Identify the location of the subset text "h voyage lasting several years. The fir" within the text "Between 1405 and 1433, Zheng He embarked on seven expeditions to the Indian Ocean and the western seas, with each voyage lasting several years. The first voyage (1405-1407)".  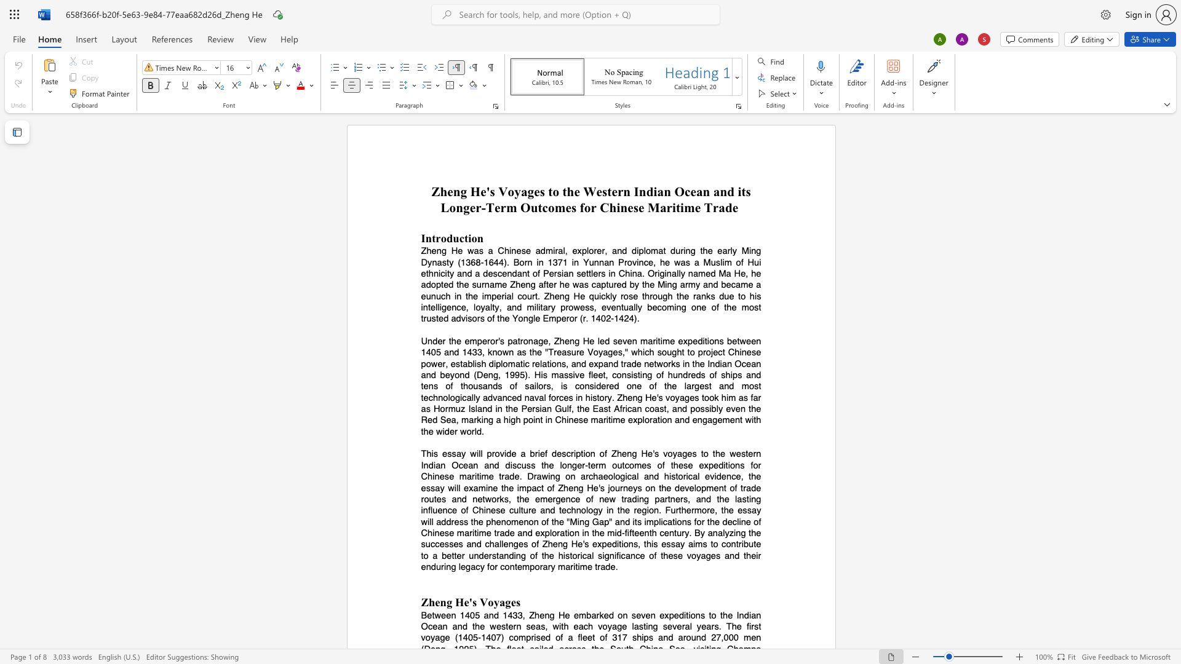
(587, 626).